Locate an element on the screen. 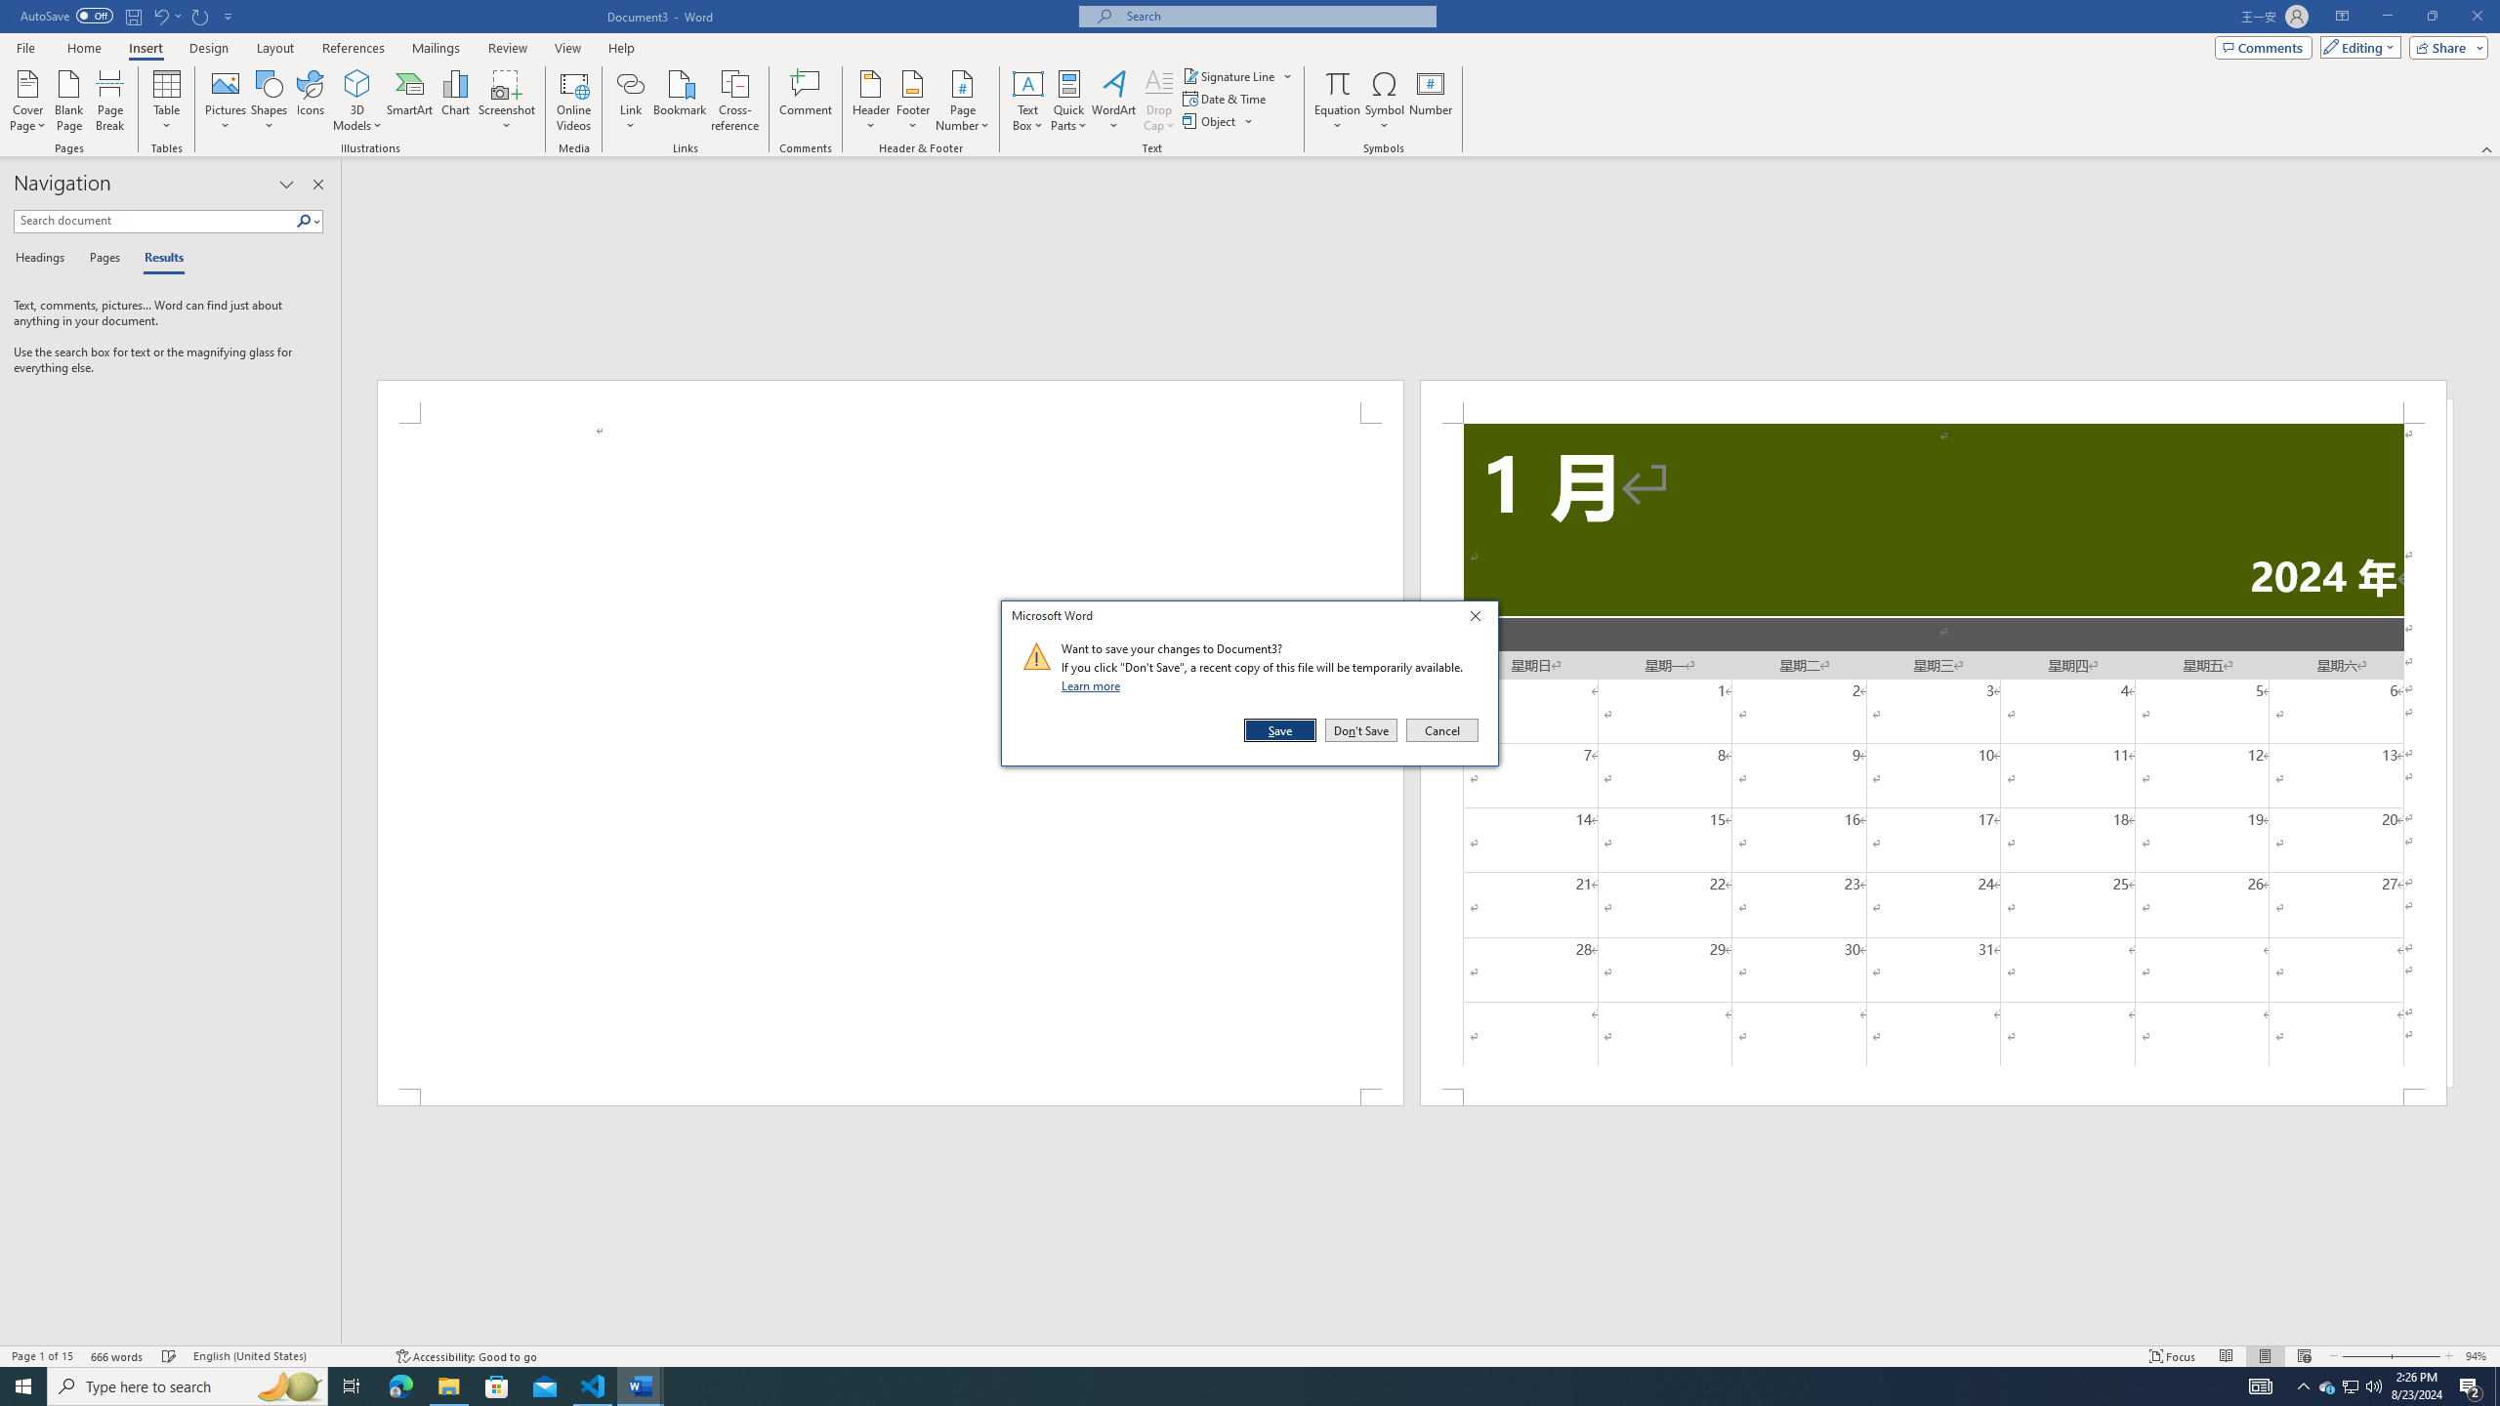  'Link' is located at coordinates (630, 101).